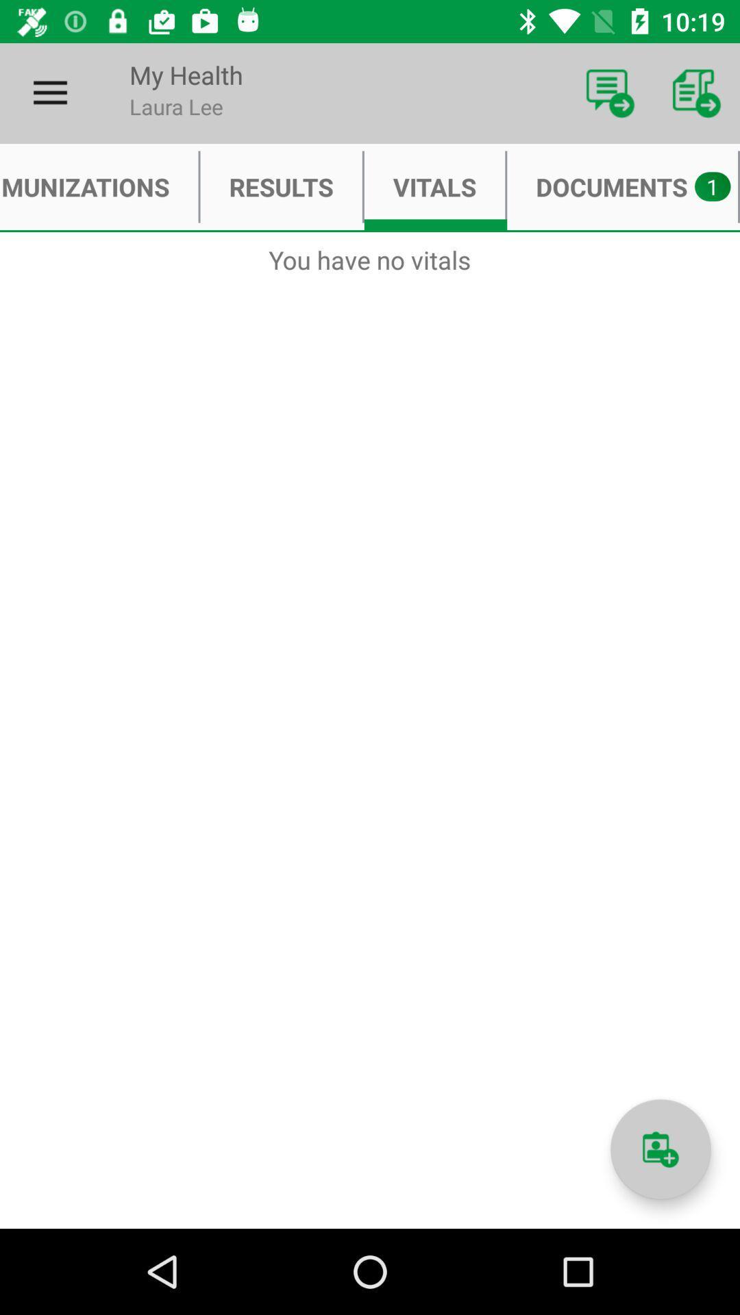 The height and width of the screenshot is (1315, 740). I want to click on item to the right of the my health icon, so click(610, 92).